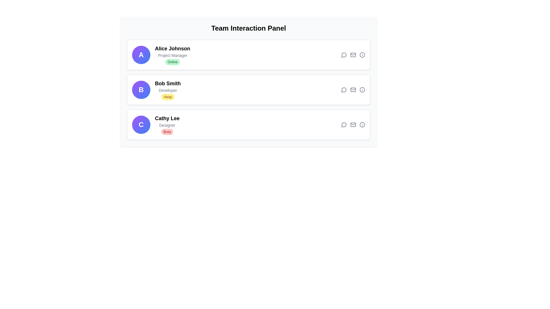 The width and height of the screenshot is (550, 309). Describe the element at coordinates (249, 28) in the screenshot. I see `the text header that reads 'Team Interaction Panel', which is styled with a large, bold font and is centered at the top of a panel with a white background and rounded corners` at that location.